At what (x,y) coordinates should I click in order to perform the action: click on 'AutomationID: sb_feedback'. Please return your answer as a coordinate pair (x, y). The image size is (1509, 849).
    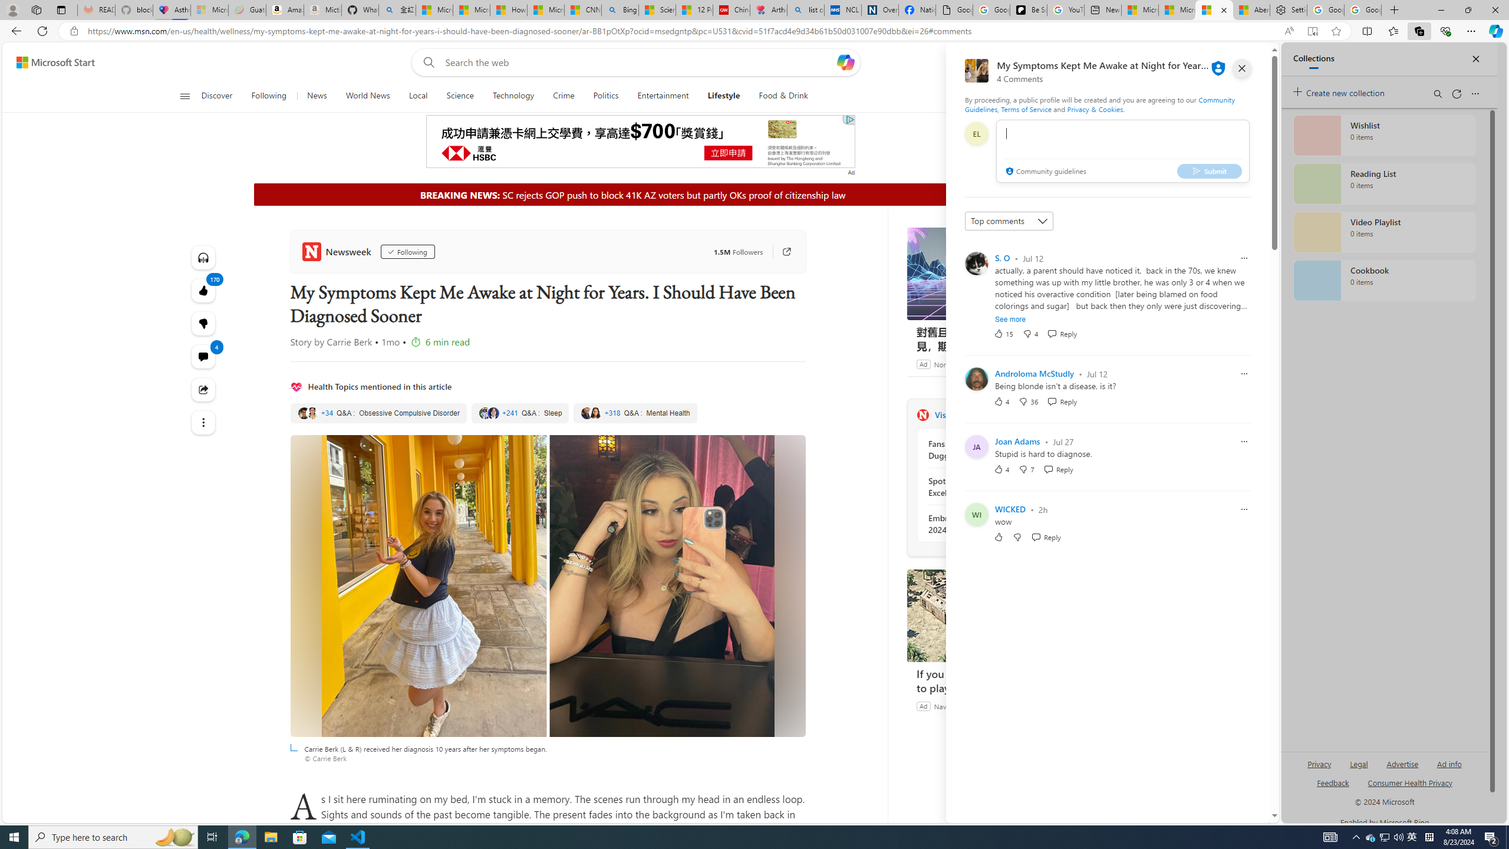
    Looking at the image, I should click on (1333, 781).